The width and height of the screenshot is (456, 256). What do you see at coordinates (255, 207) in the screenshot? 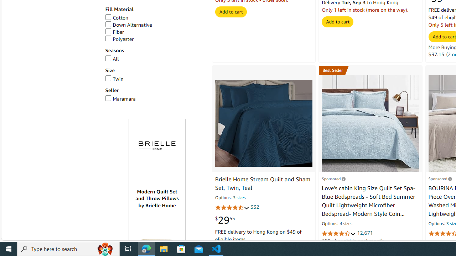
I see `'332'` at bounding box center [255, 207].